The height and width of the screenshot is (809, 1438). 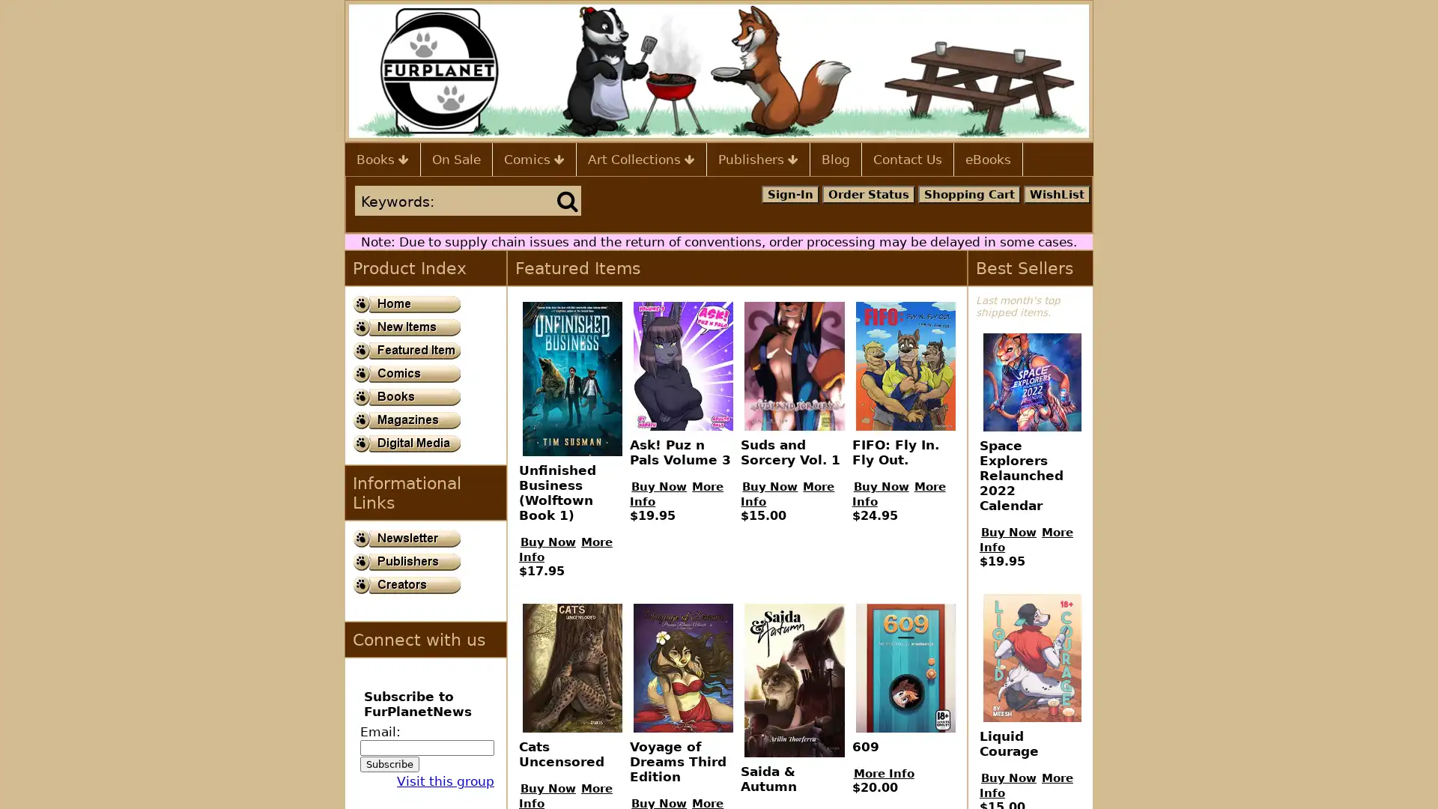 What do you see at coordinates (389, 763) in the screenshot?
I see `Subscribe` at bounding box center [389, 763].